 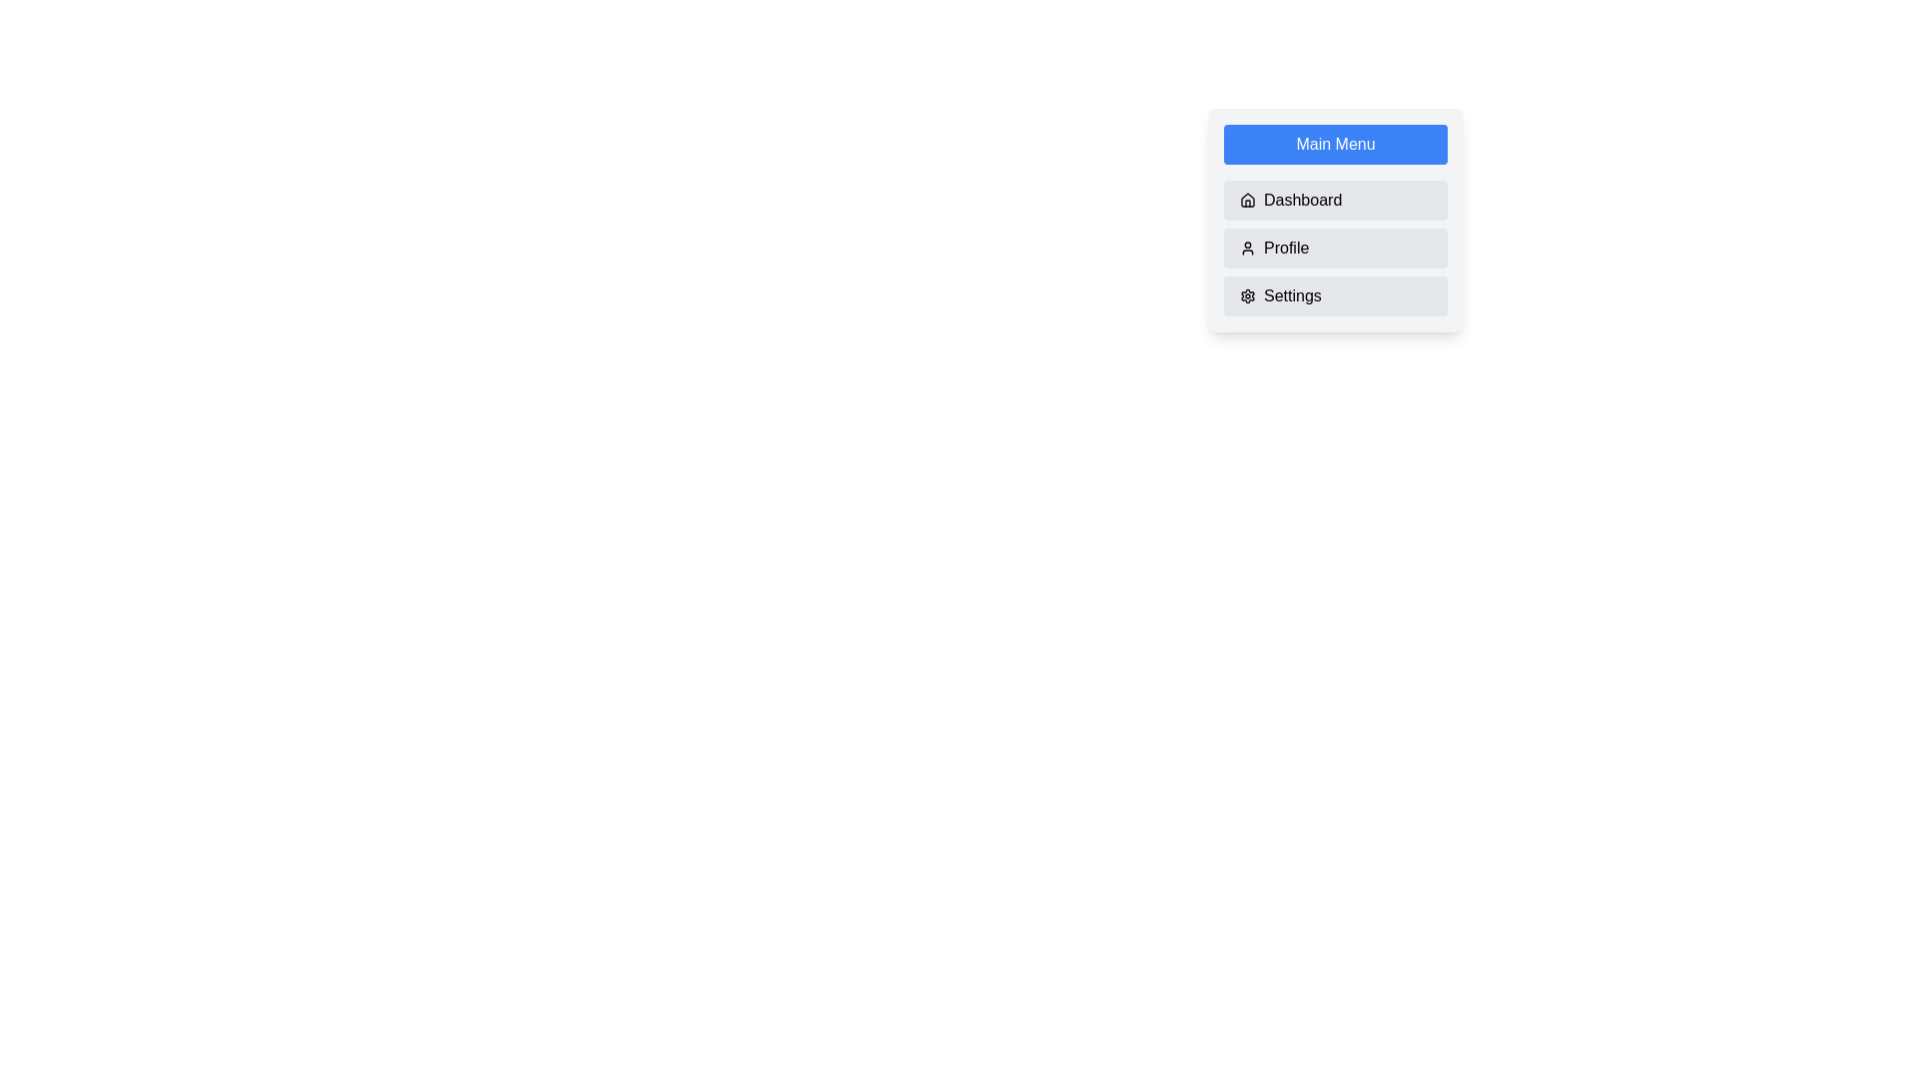 I want to click on the 'Settings' button in the menu, so click(x=1336, y=296).